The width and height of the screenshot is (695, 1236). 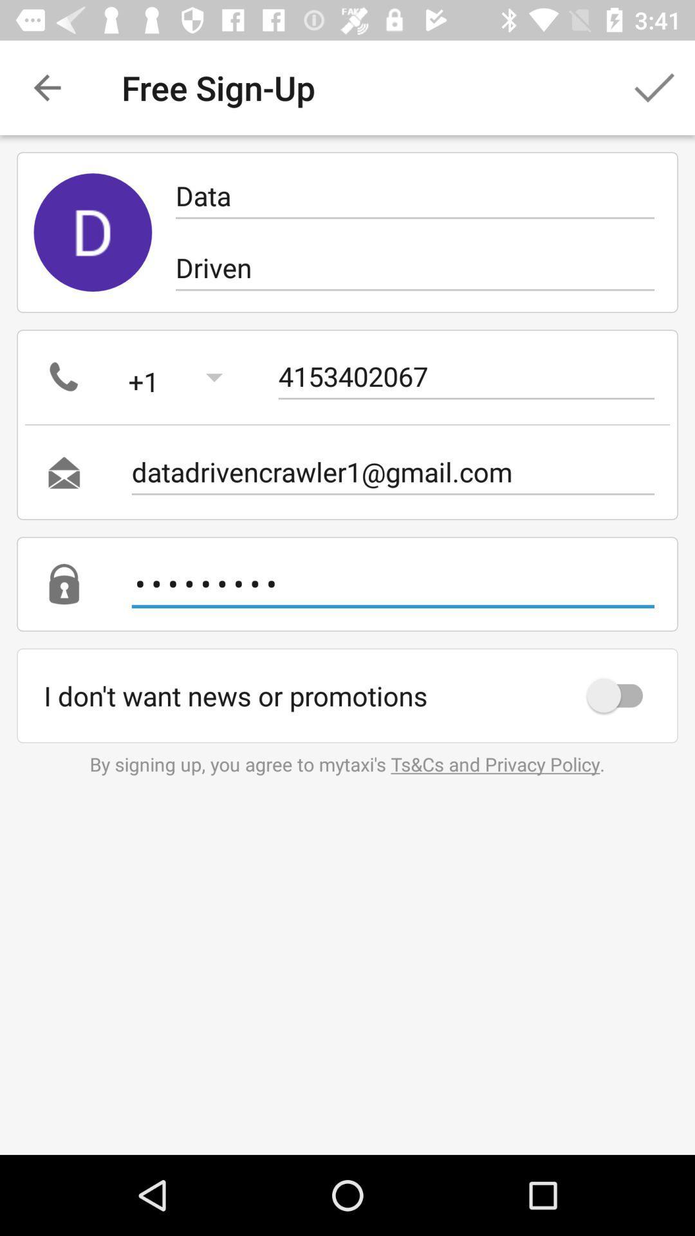 What do you see at coordinates (414, 195) in the screenshot?
I see `data item` at bounding box center [414, 195].